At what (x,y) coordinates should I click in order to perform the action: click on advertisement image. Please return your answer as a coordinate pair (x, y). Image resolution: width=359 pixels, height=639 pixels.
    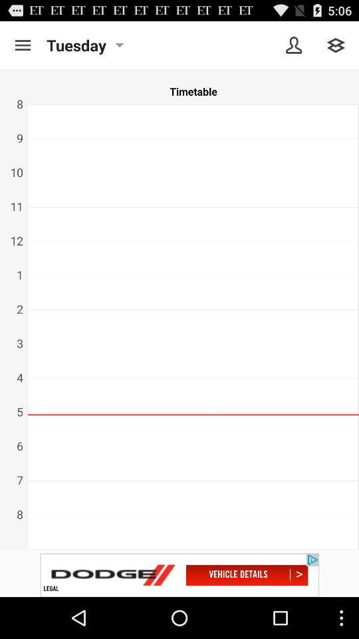
    Looking at the image, I should click on (179, 574).